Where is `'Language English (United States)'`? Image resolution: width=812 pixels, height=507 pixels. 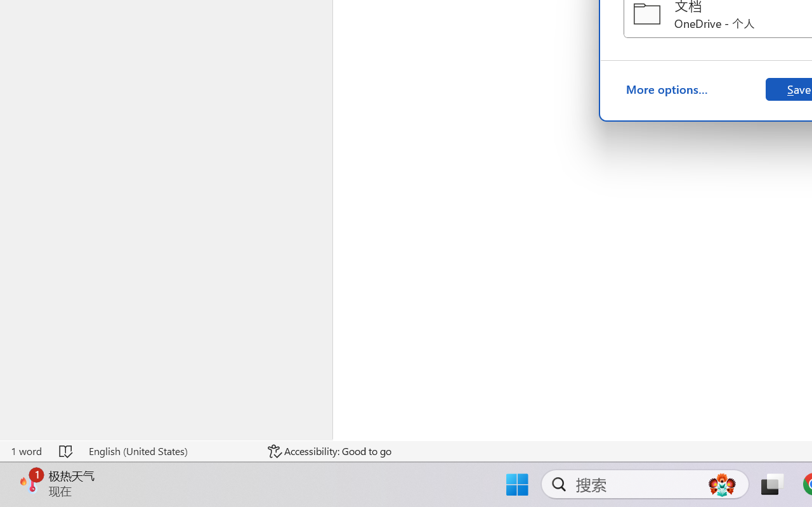
'Language English (United States)' is located at coordinates (169, 451).